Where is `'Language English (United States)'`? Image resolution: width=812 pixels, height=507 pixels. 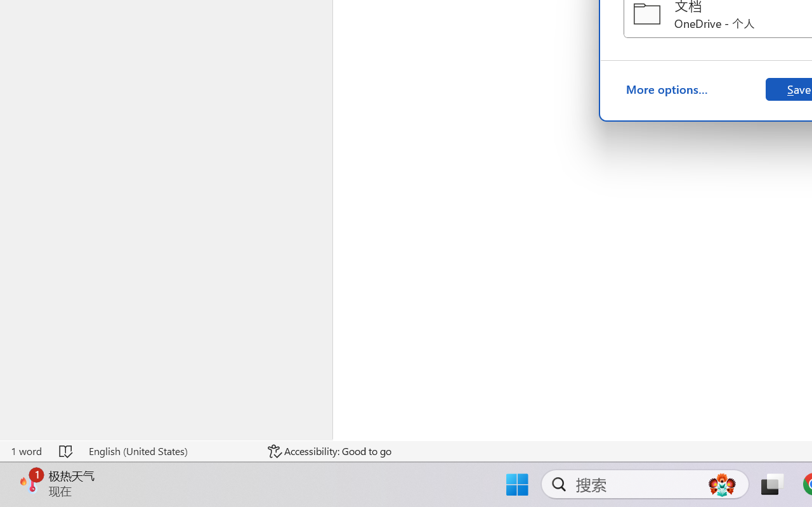
'Language English (United States)' is located at coordinates (169, 451).